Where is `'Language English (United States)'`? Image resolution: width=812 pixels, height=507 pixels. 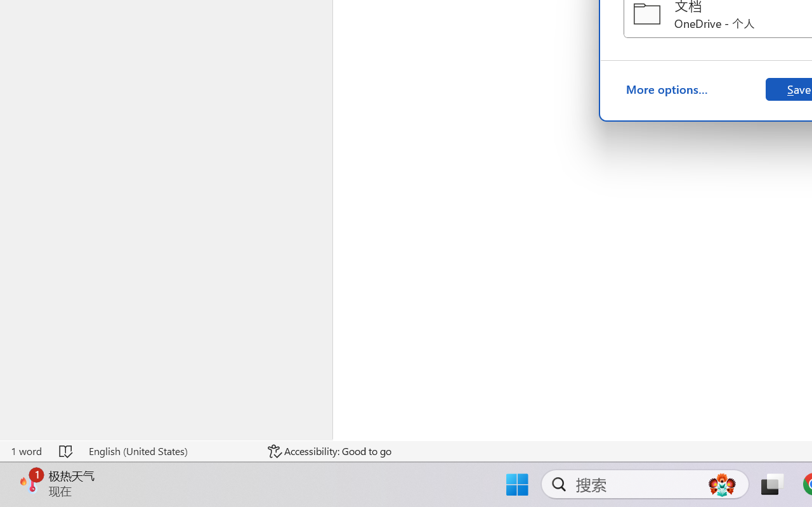
'Language English (United States)' is located at coordinates (169, 451).